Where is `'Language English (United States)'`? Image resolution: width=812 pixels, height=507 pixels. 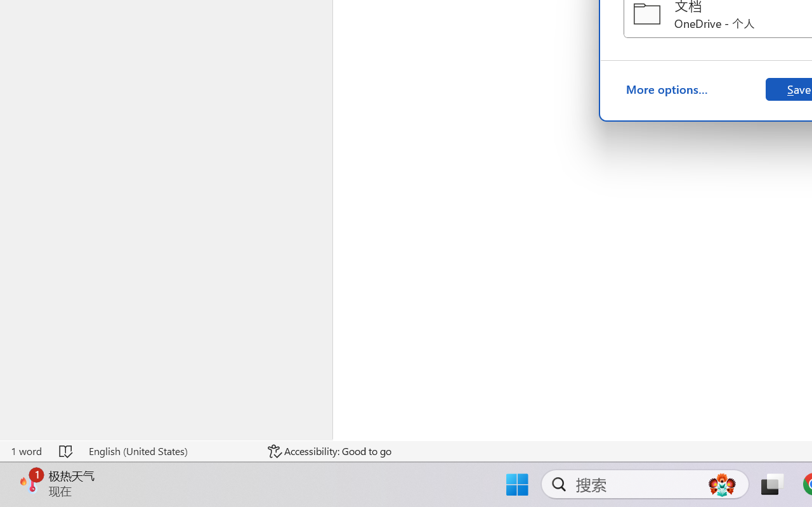
'Language English (United States)' is located at coordinates (169, 451).